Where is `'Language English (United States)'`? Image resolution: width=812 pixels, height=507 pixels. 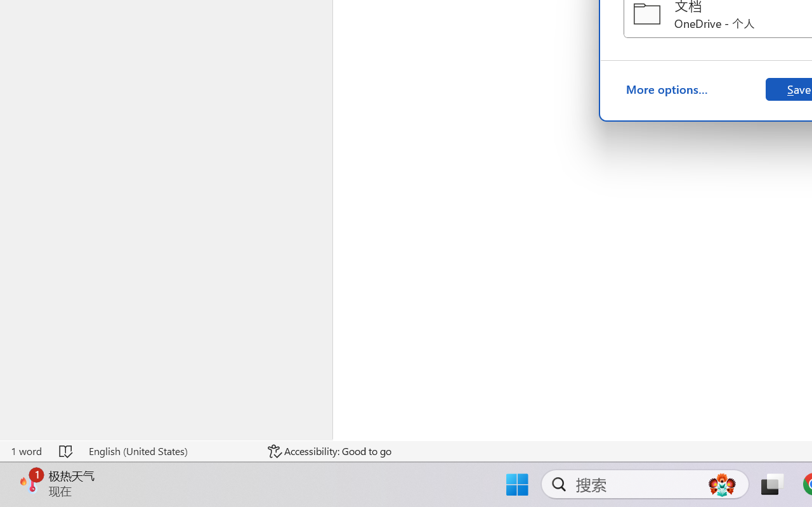
'Language English (United States)' is located at coordinates (169, 451).